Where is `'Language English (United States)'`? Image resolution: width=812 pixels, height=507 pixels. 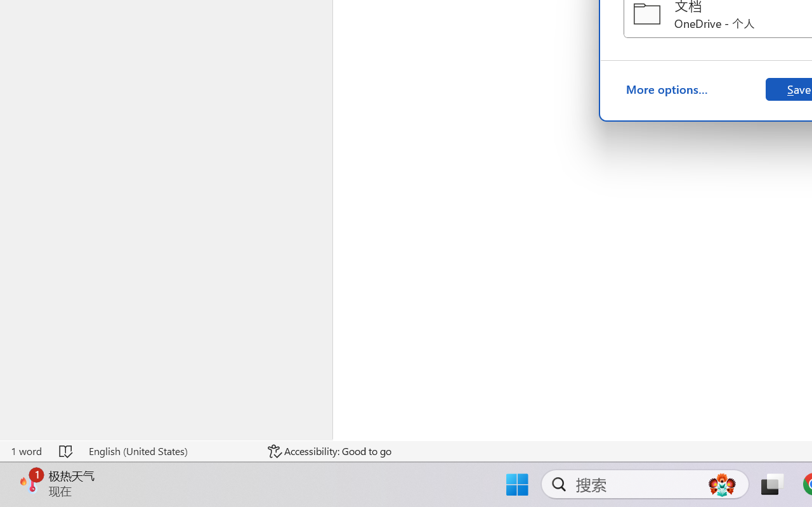
'Language English (United States)' is located at coordinates (169, 451).